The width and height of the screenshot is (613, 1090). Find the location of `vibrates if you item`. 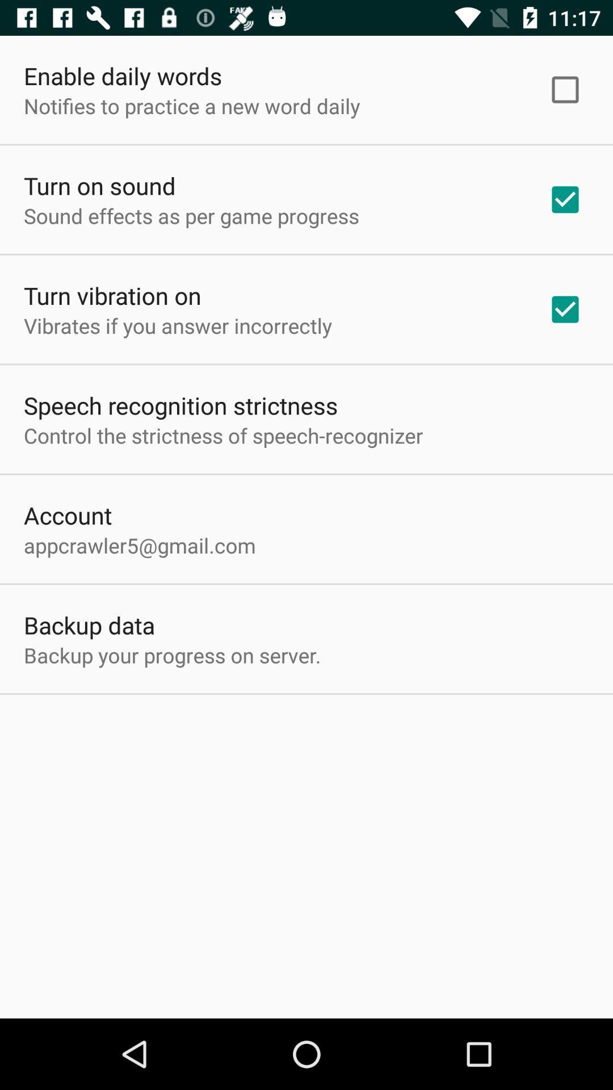

vibrates if you item is located at coordinates (178, 325).